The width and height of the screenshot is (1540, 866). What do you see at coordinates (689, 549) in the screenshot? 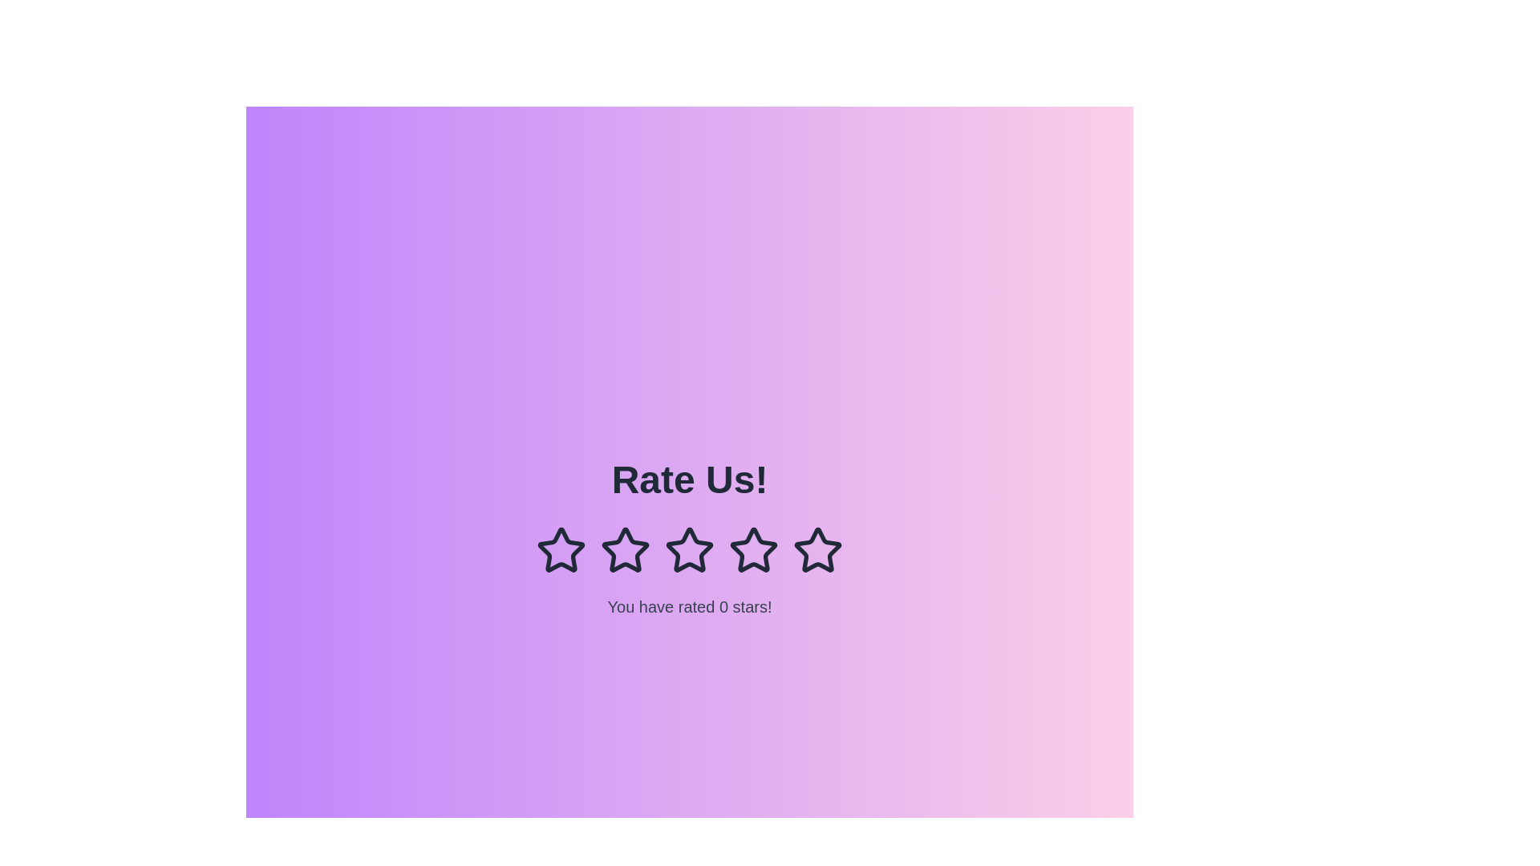
I see `the rating to 3 stars by clicking on the corresponding star` at bounding box center [689, 549].